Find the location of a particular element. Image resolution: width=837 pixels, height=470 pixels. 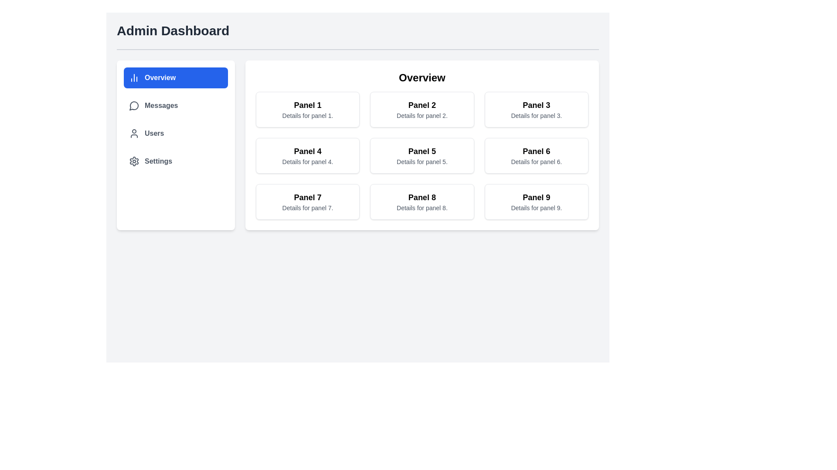

the 'Settings' link in the Navigation Sidebar is located at coordinates (175, 145).